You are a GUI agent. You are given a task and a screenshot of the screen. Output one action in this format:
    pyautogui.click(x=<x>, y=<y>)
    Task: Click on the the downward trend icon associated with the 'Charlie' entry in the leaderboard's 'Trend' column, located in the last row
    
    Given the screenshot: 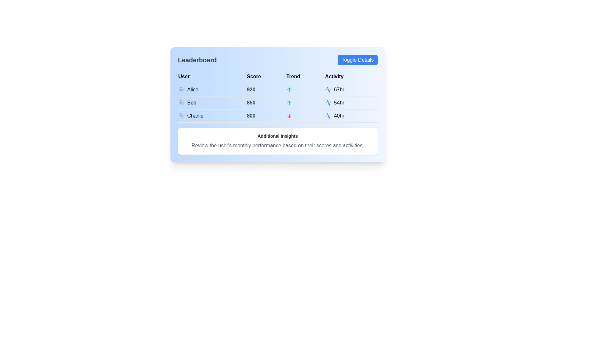 What is the action you would take?
    pyautogui.click(x=289, y=116)
    